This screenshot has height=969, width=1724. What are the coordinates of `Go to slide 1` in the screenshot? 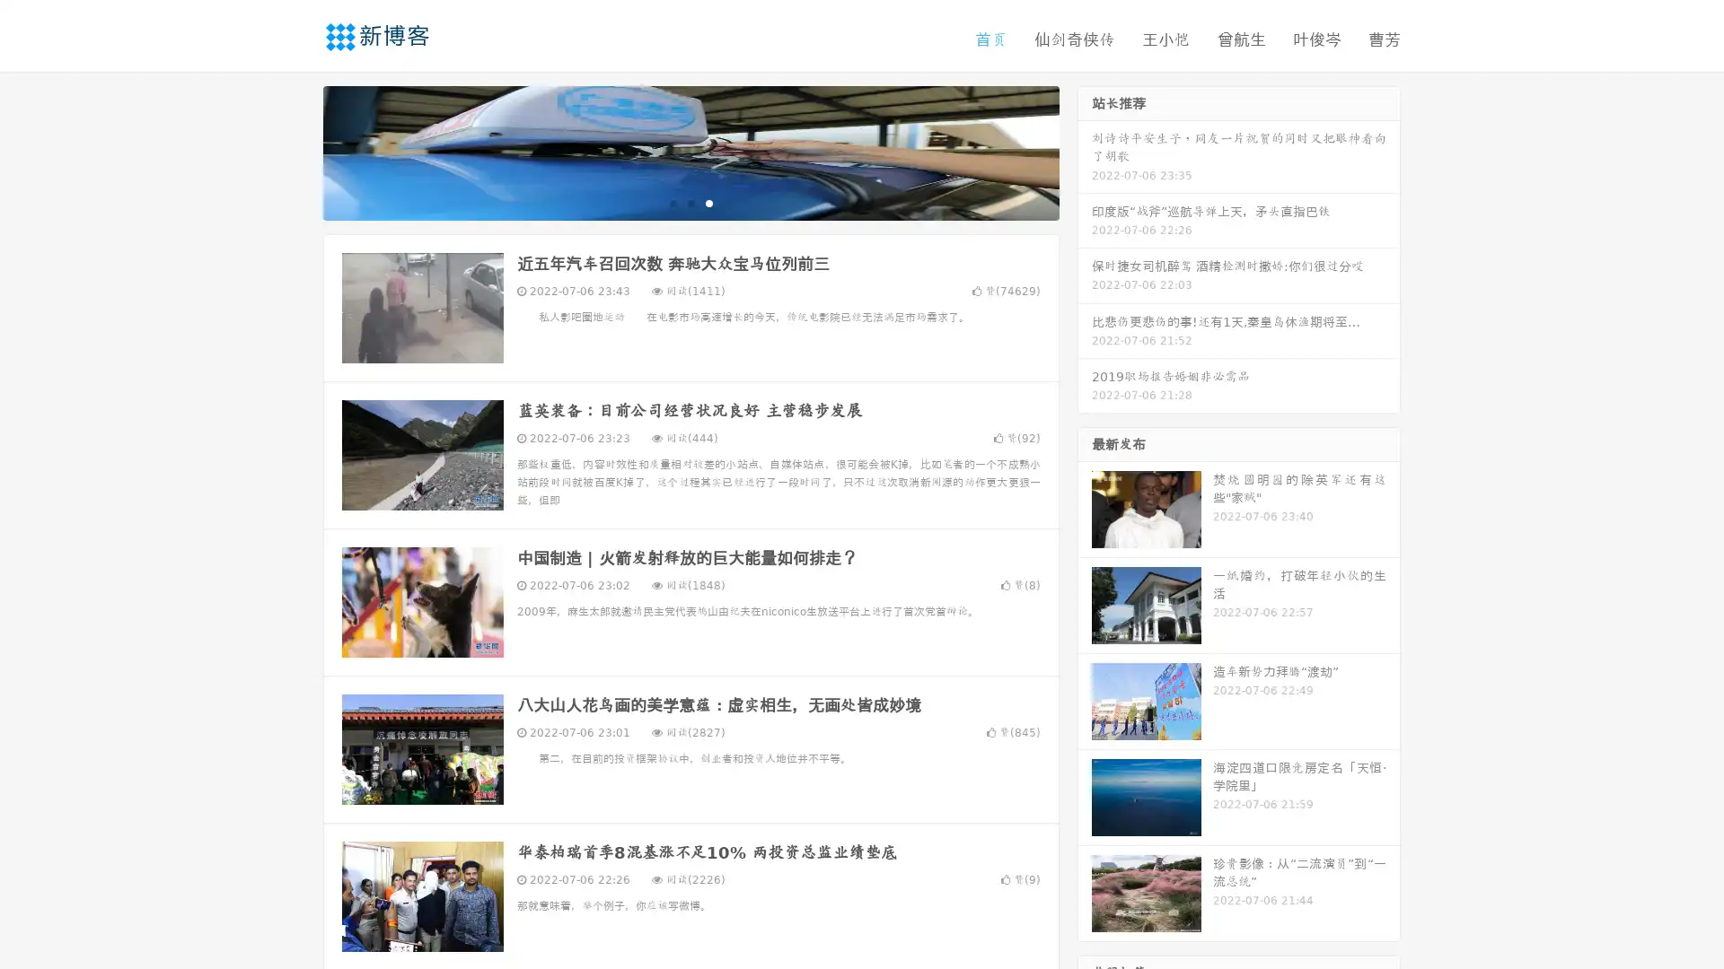 It's located at (672, 202).